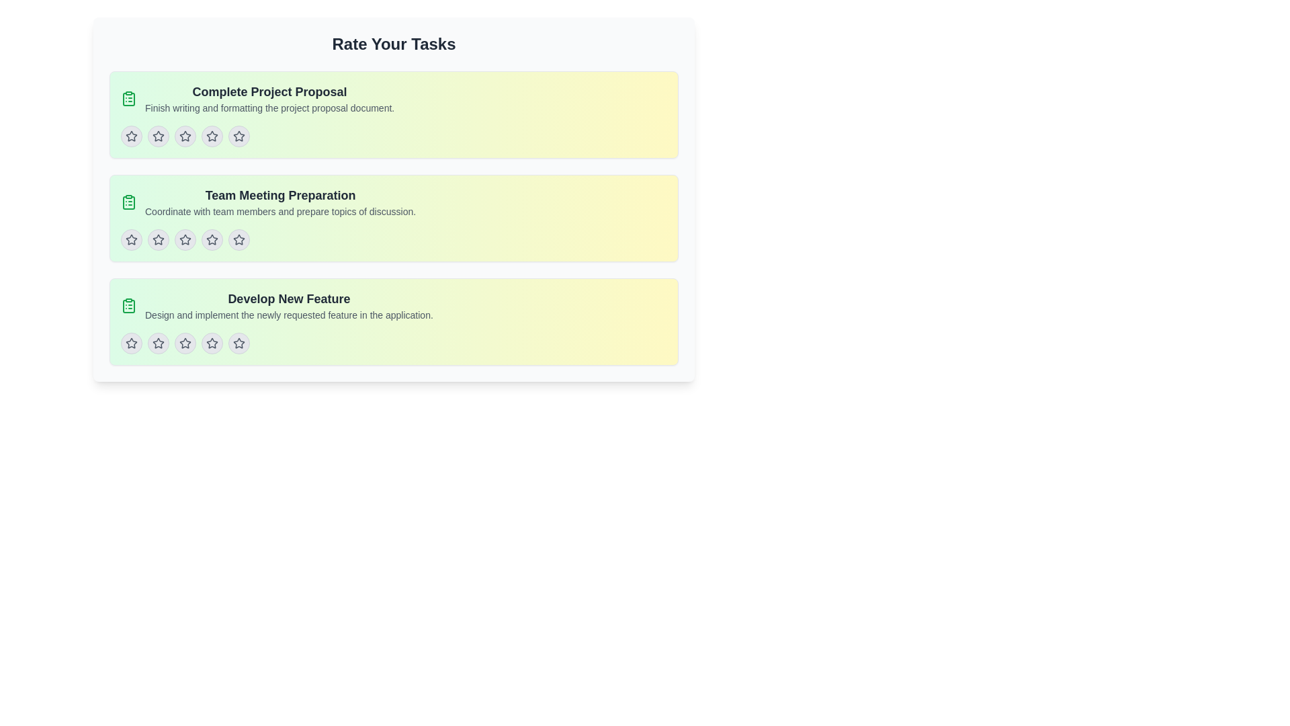  Describe the element at coordinates (184, 239) in the screenshot. I see `the circular button with a light gray background and an empty star icon outlined in dark gray, located in the 'Team Meeting Preparation' section` at that location.